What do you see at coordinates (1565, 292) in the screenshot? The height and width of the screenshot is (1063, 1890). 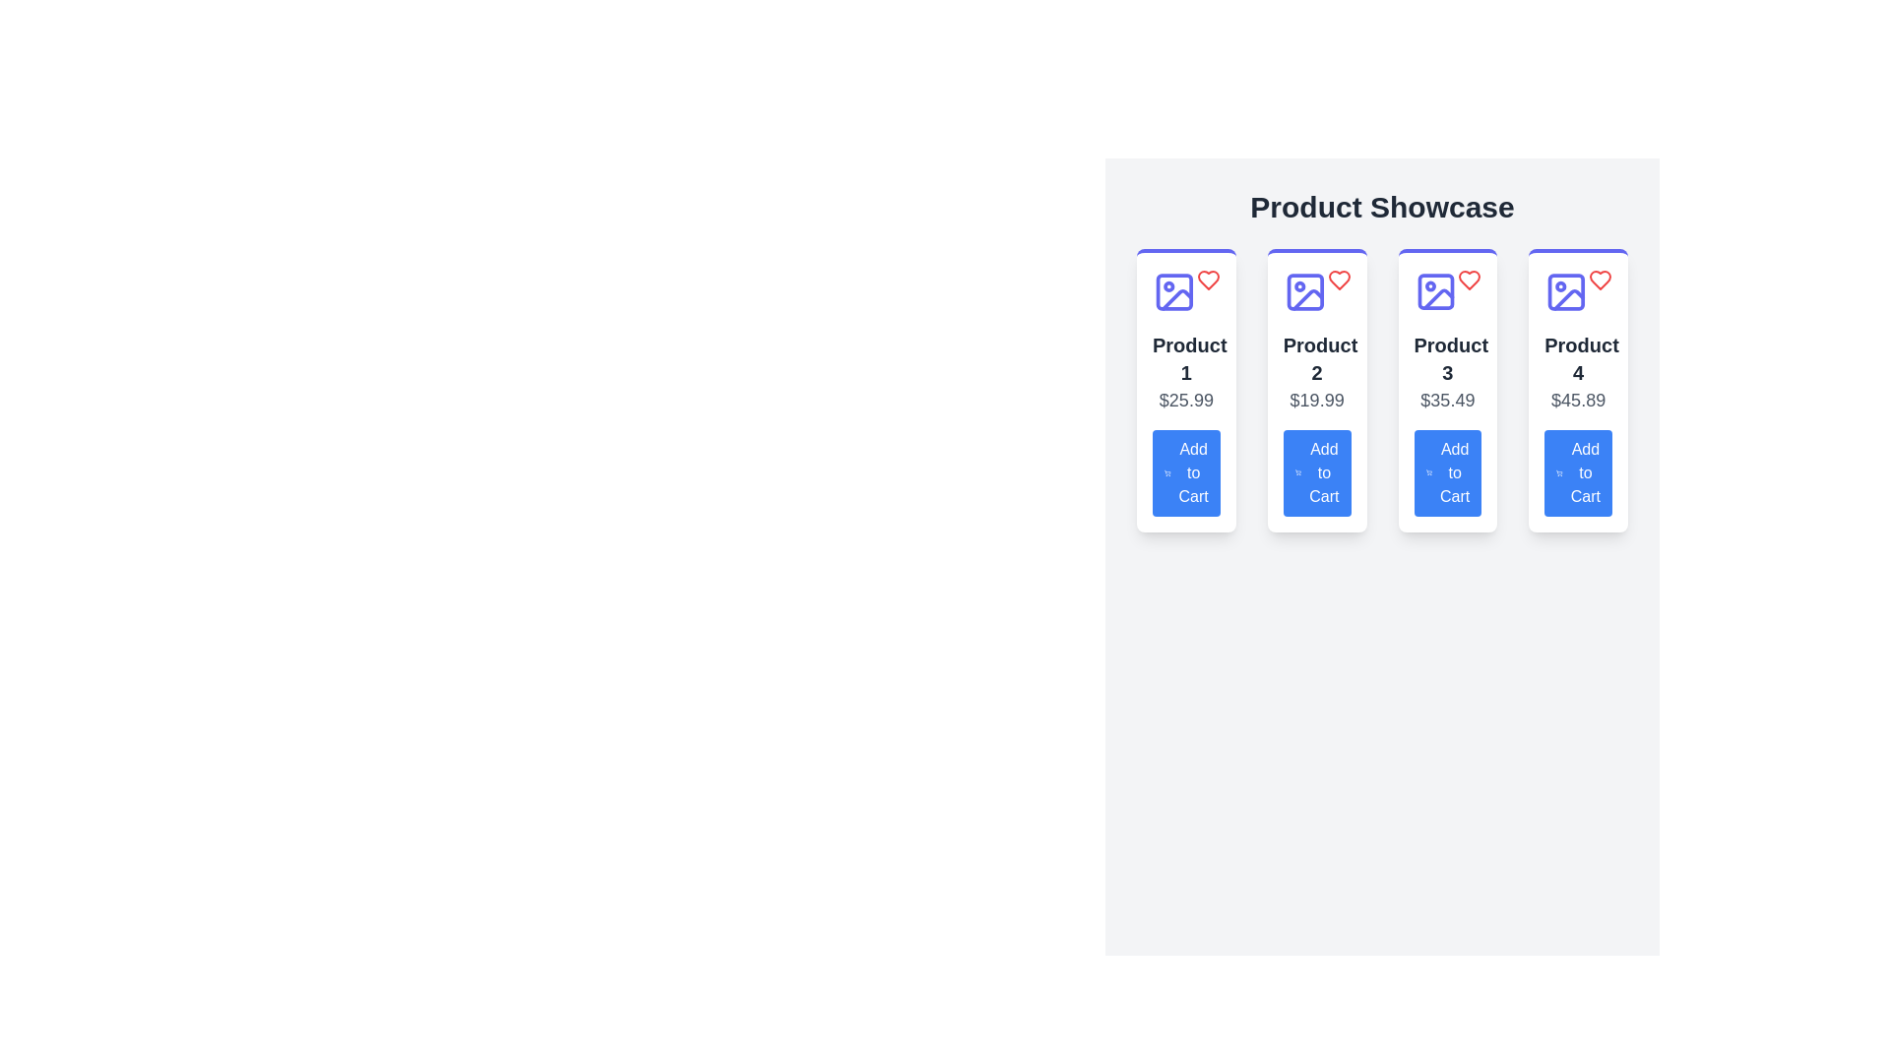 I see `the SVG rectangular shape with rounded edges located in the icon area of the fourth product card, serving as a decorative component or identification marker` at bounding box center [1565, 292].